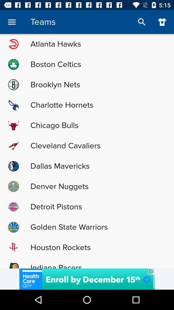 The image size is (174, 310). I want to click on the search icon, so click(142, 22).